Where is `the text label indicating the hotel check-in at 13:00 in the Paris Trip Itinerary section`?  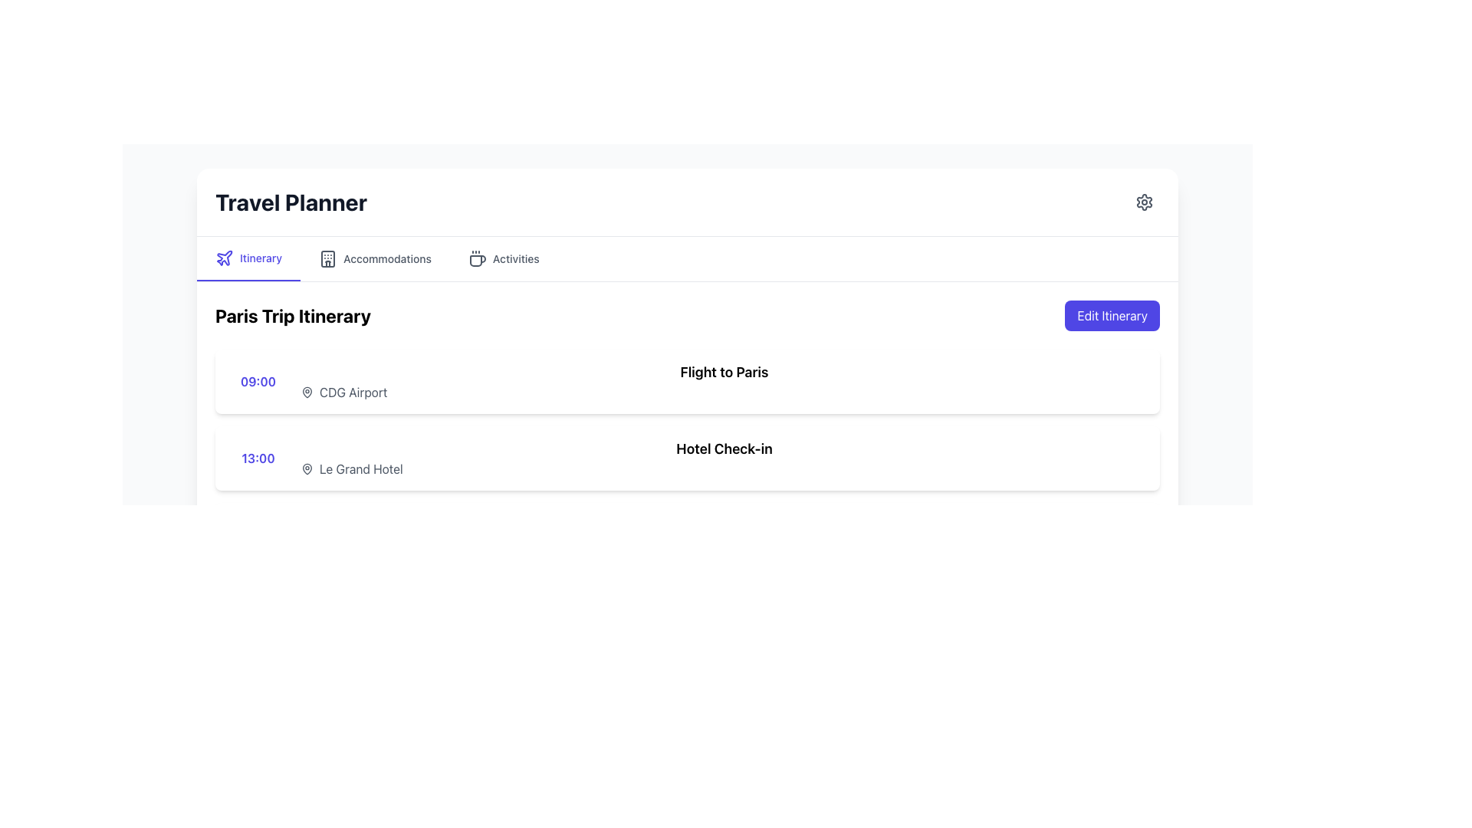
the text label indicating the hotel check-in at 13:00 in the Paris Trip Itinerary section is located at coordinates (687, 457).